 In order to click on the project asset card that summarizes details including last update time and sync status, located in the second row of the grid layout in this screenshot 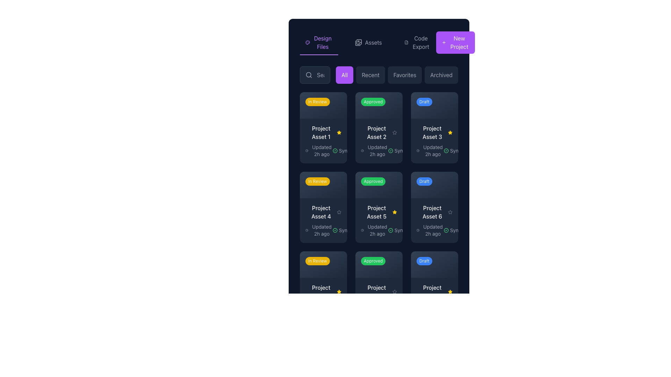, I will do `click(434, 220)`.